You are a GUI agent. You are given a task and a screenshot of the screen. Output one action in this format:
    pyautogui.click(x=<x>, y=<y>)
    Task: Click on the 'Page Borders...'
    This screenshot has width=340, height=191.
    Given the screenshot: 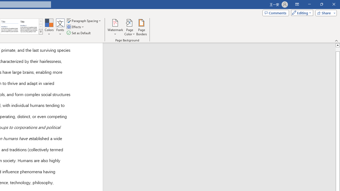 What is the action you would take?
    pyautogui.click(x=142, y=27)
    